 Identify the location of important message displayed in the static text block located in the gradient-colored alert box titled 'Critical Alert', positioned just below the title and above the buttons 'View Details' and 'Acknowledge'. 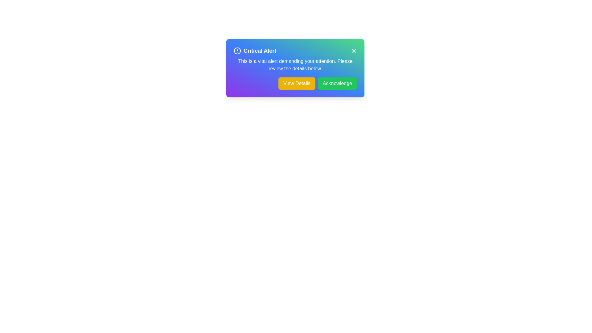
(295, 65).